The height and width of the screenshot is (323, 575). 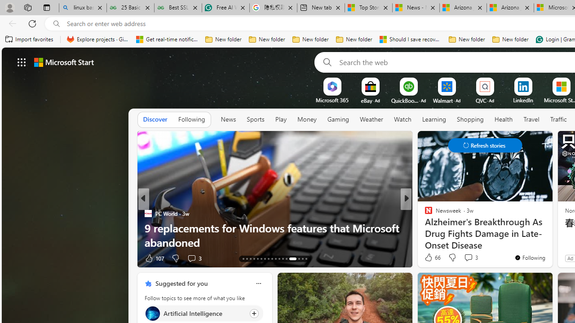 I want to click on 'Health', so click(x=504, y=119).